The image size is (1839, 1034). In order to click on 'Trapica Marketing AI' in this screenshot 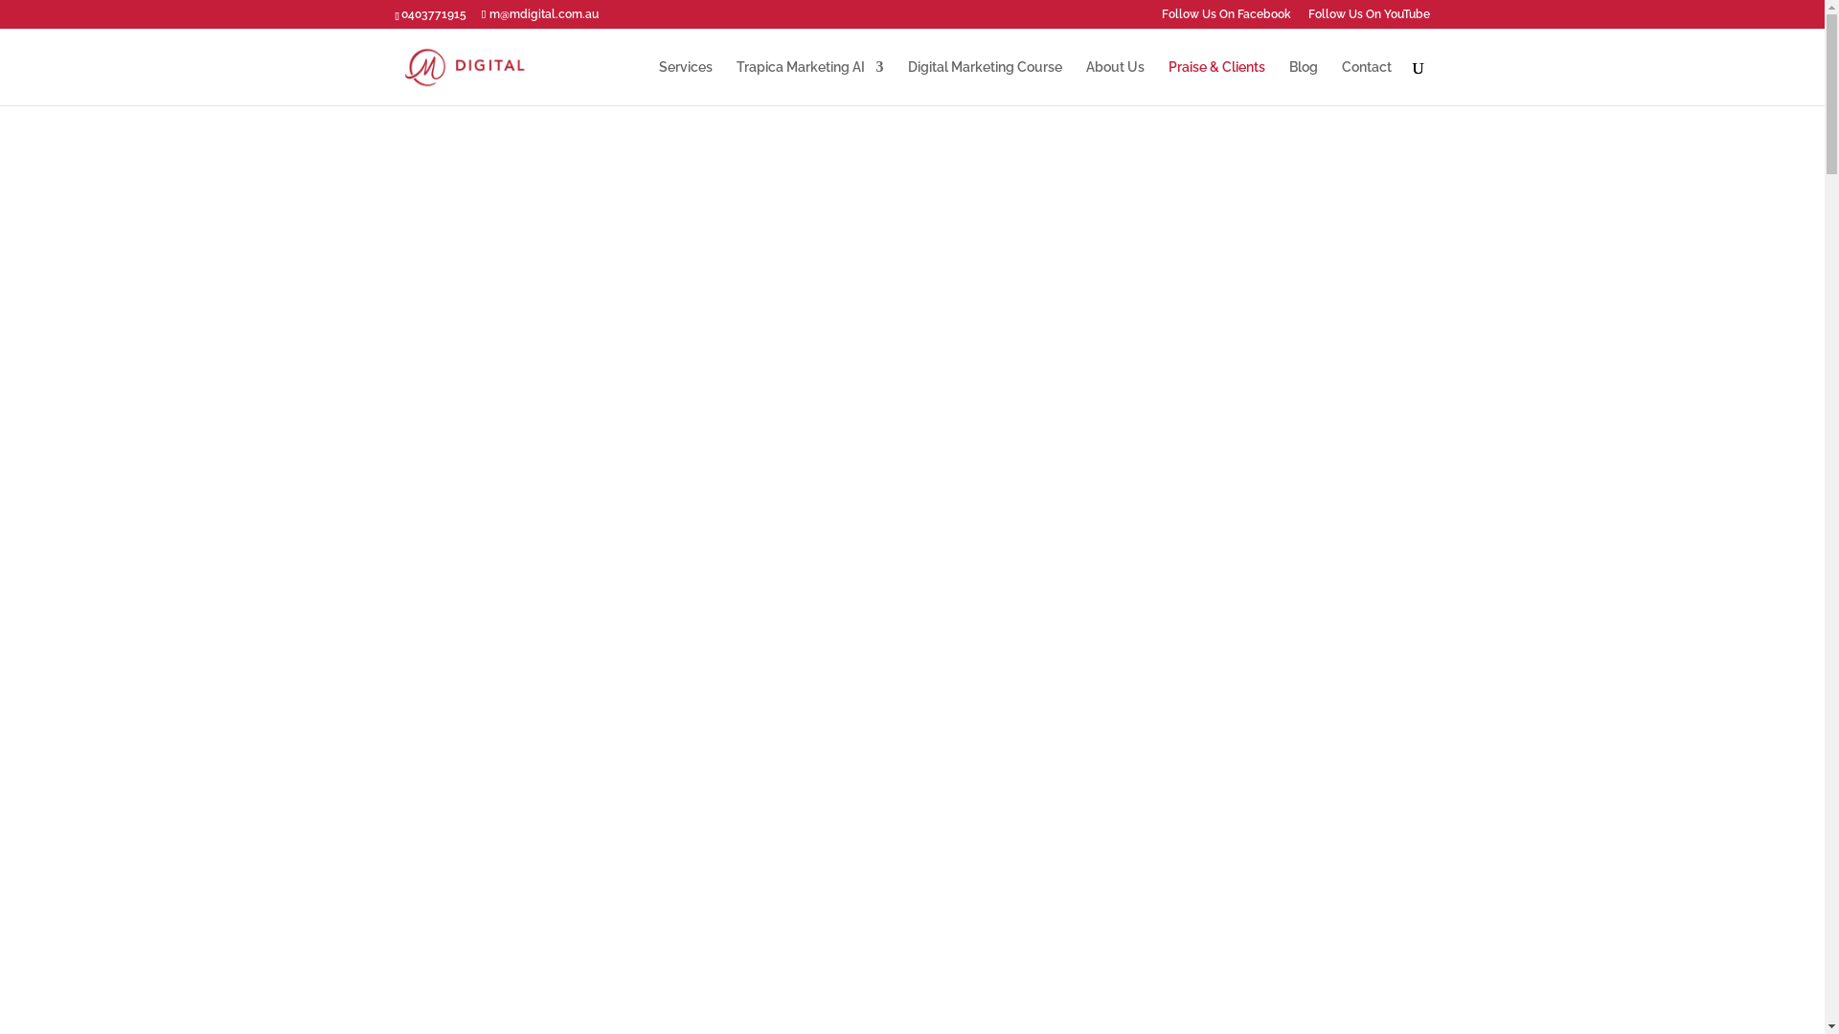, I will do `click(808, 81)`.